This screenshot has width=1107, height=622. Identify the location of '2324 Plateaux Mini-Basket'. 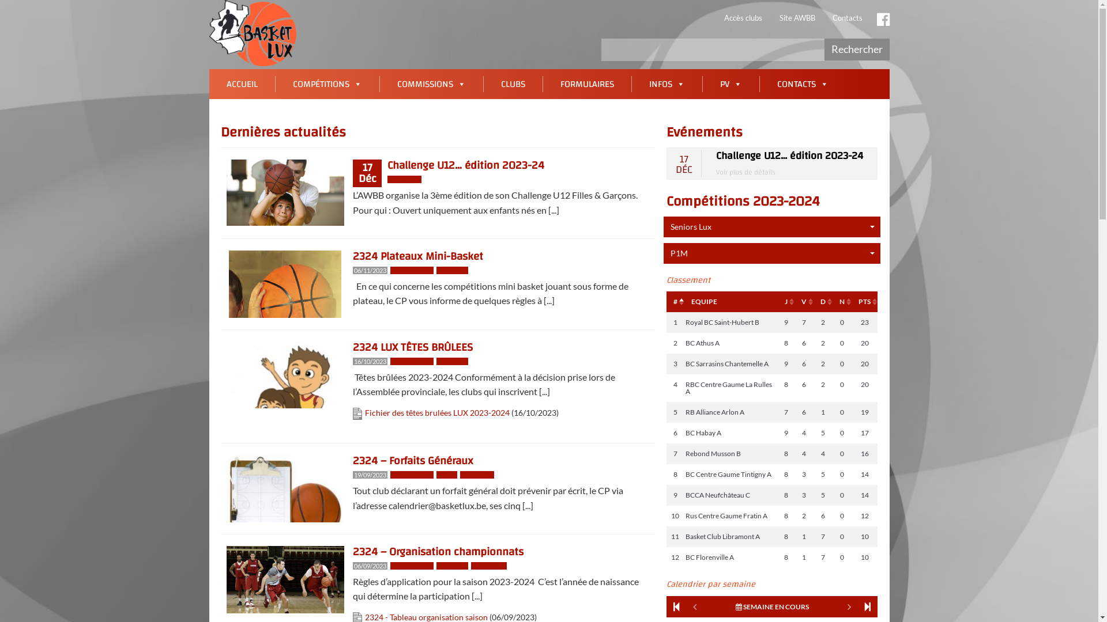
(417, 255).